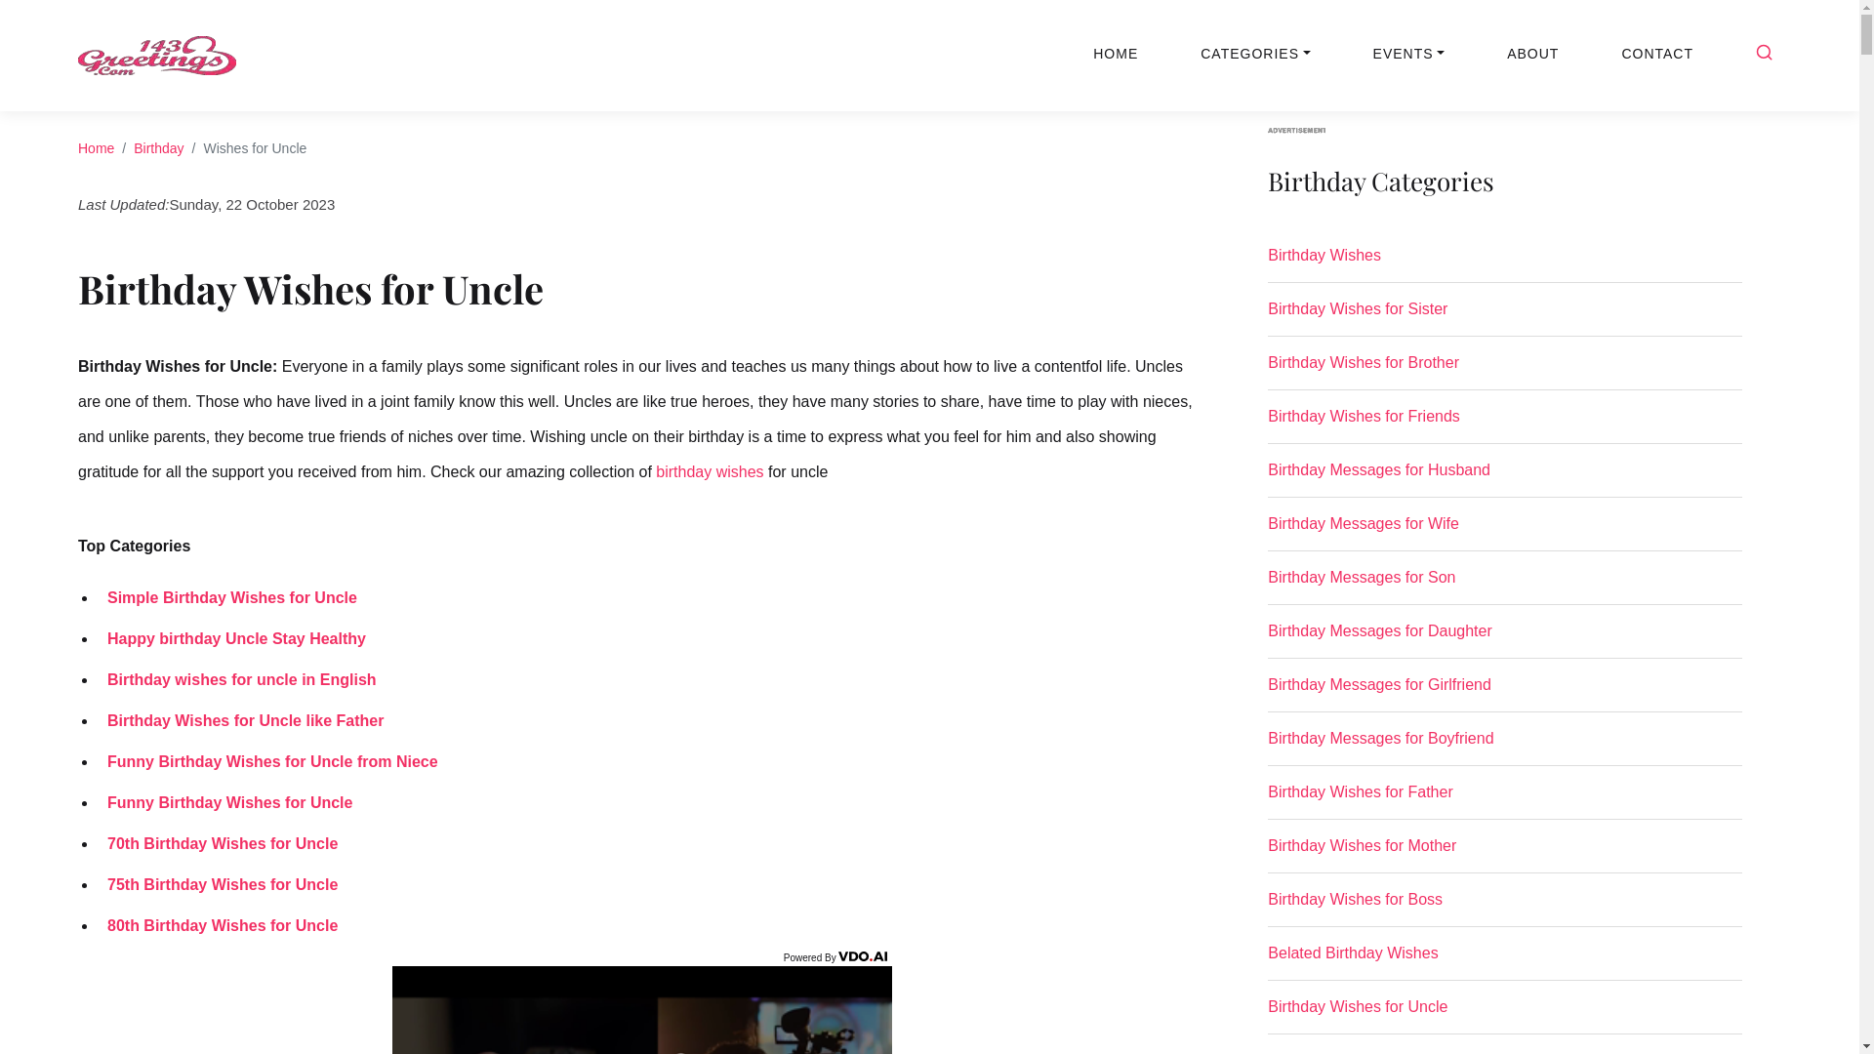  What do you see at coordinates (227, 596) in the screenshot?
I see `'Simple Birthday Wishes for Uncle'` at bounding box center [227, 596].